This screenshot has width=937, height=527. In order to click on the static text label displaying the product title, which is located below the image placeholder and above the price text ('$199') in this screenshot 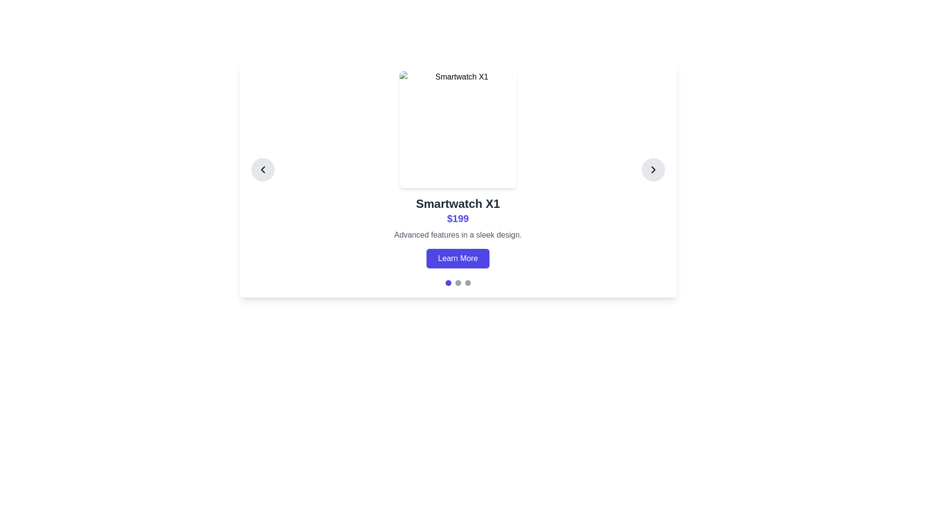, I will do `click(457, 203)`.